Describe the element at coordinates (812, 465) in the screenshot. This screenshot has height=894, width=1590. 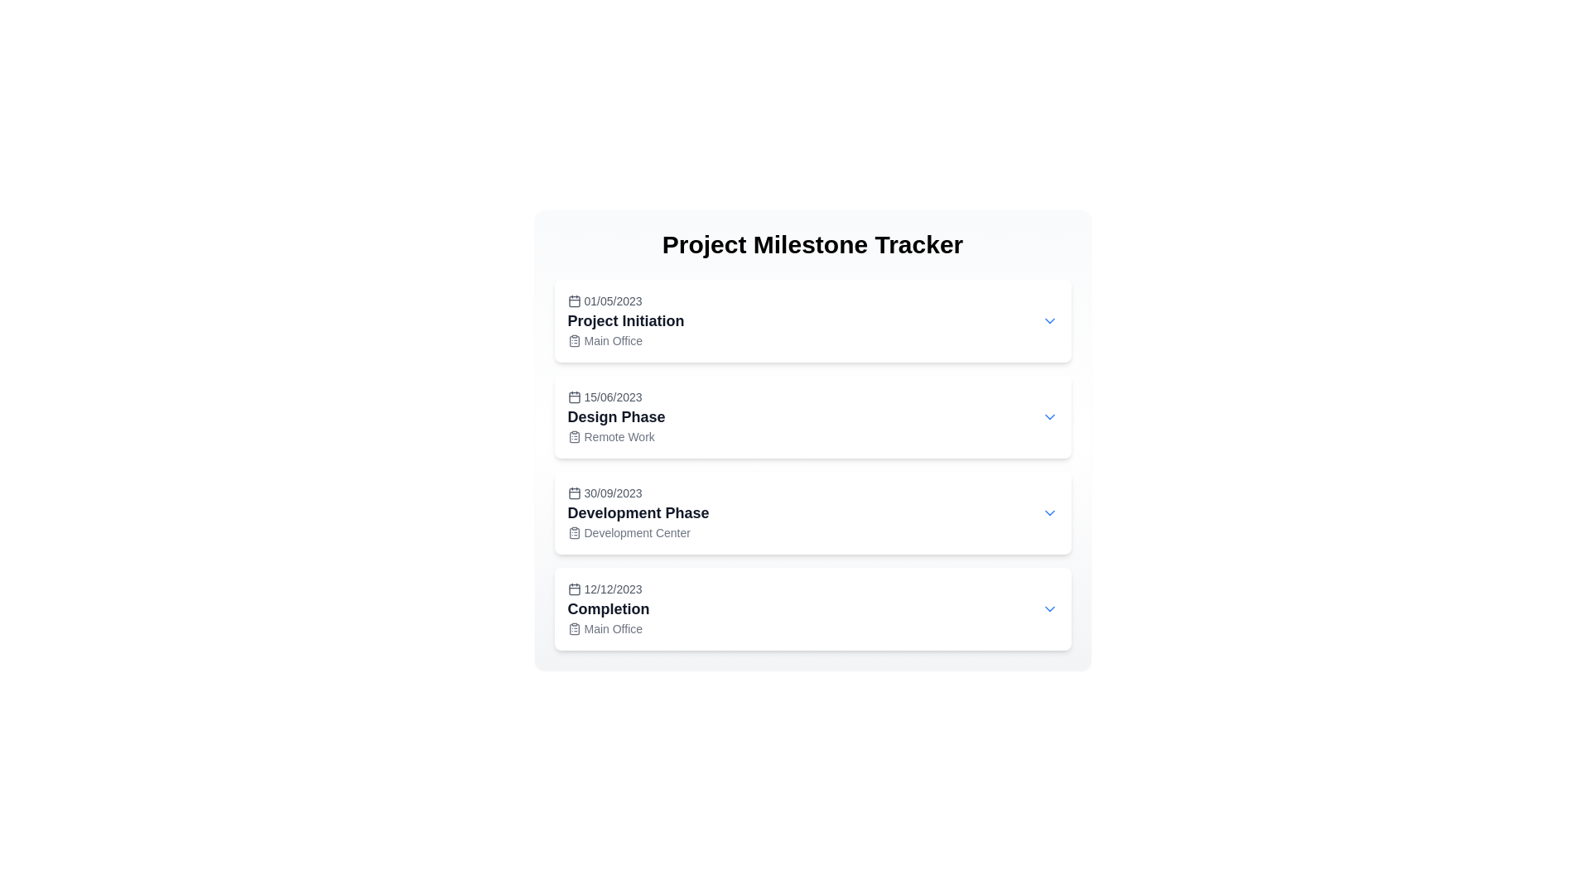
I see `the third milestone card in the Project Milestone Tracker section` at that location.